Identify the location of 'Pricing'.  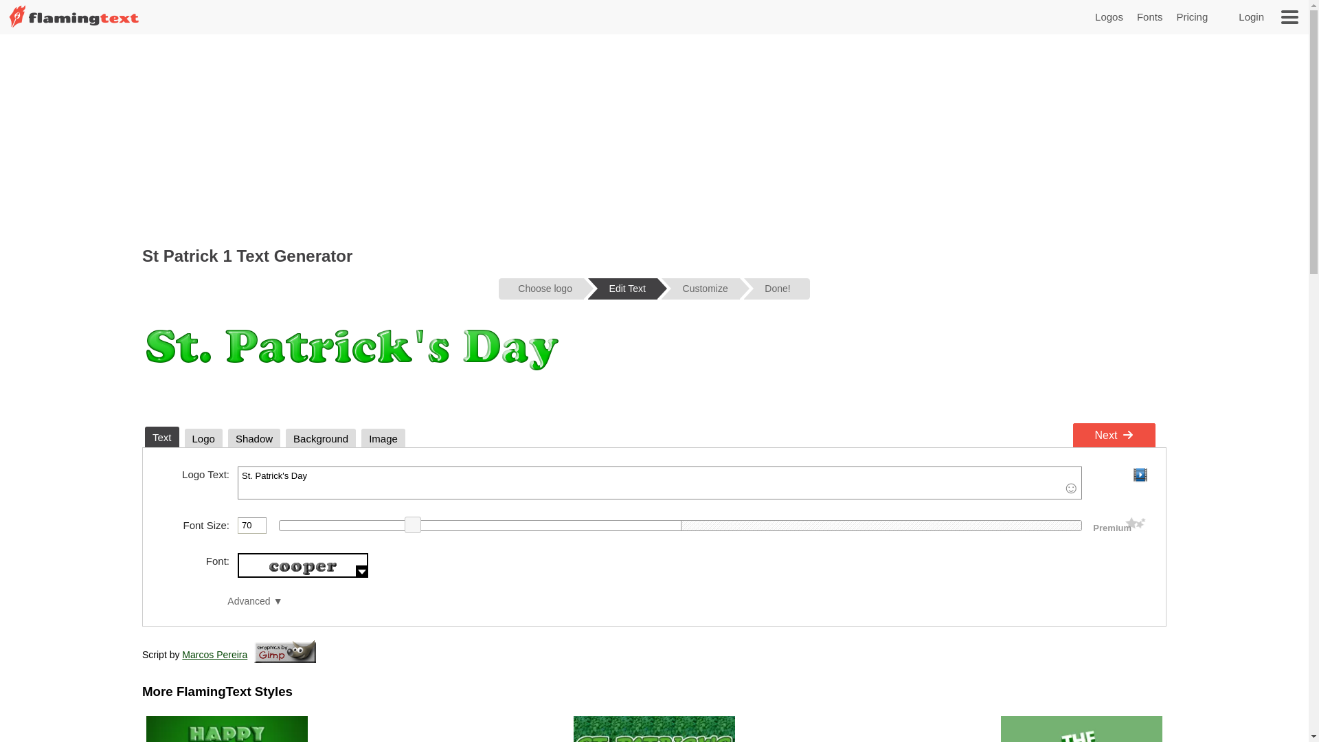
(1191, 16).